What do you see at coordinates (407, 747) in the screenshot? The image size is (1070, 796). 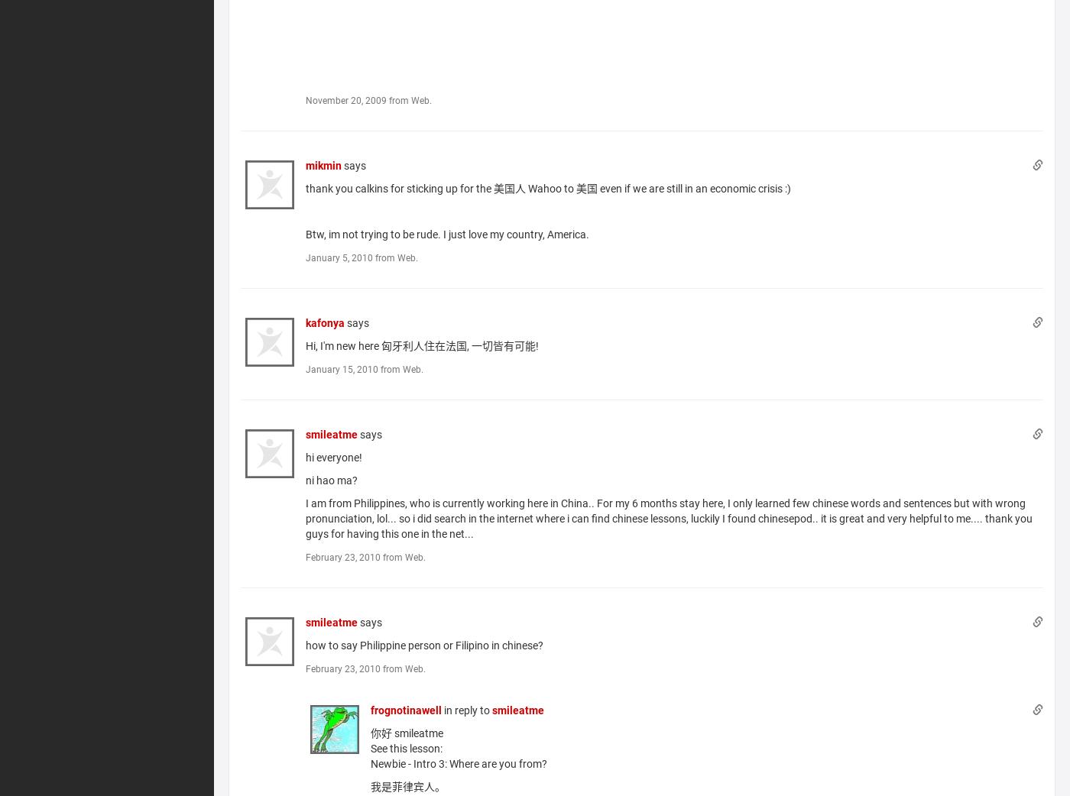 I see `'See this lesson:'` at bounding box center [407, 747].